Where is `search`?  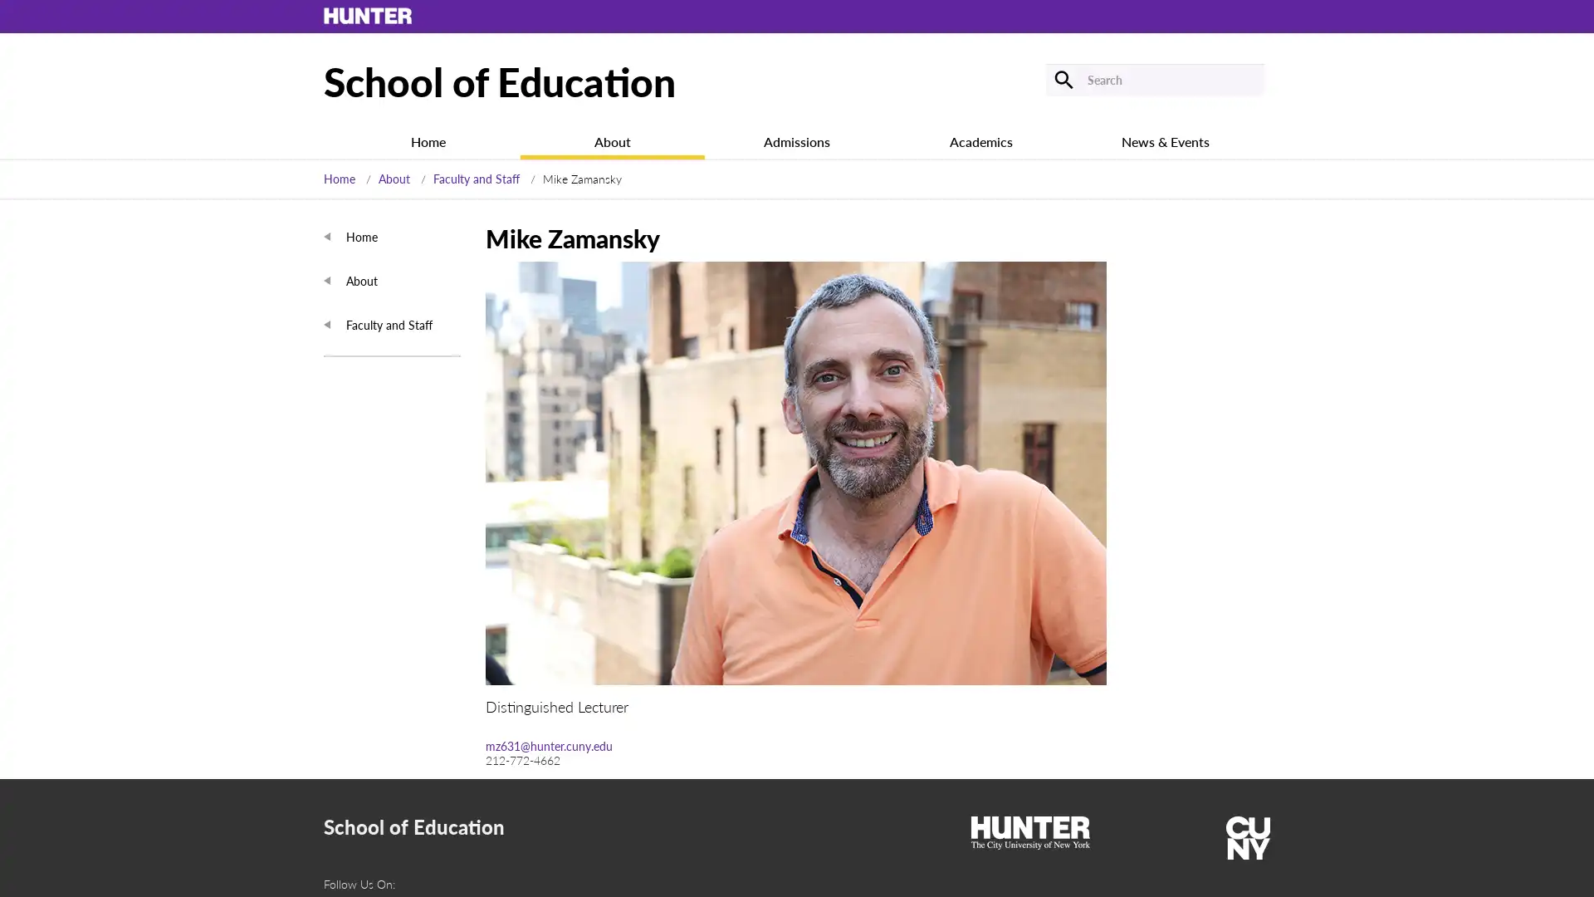 search is located at coordinates (1063, 79).